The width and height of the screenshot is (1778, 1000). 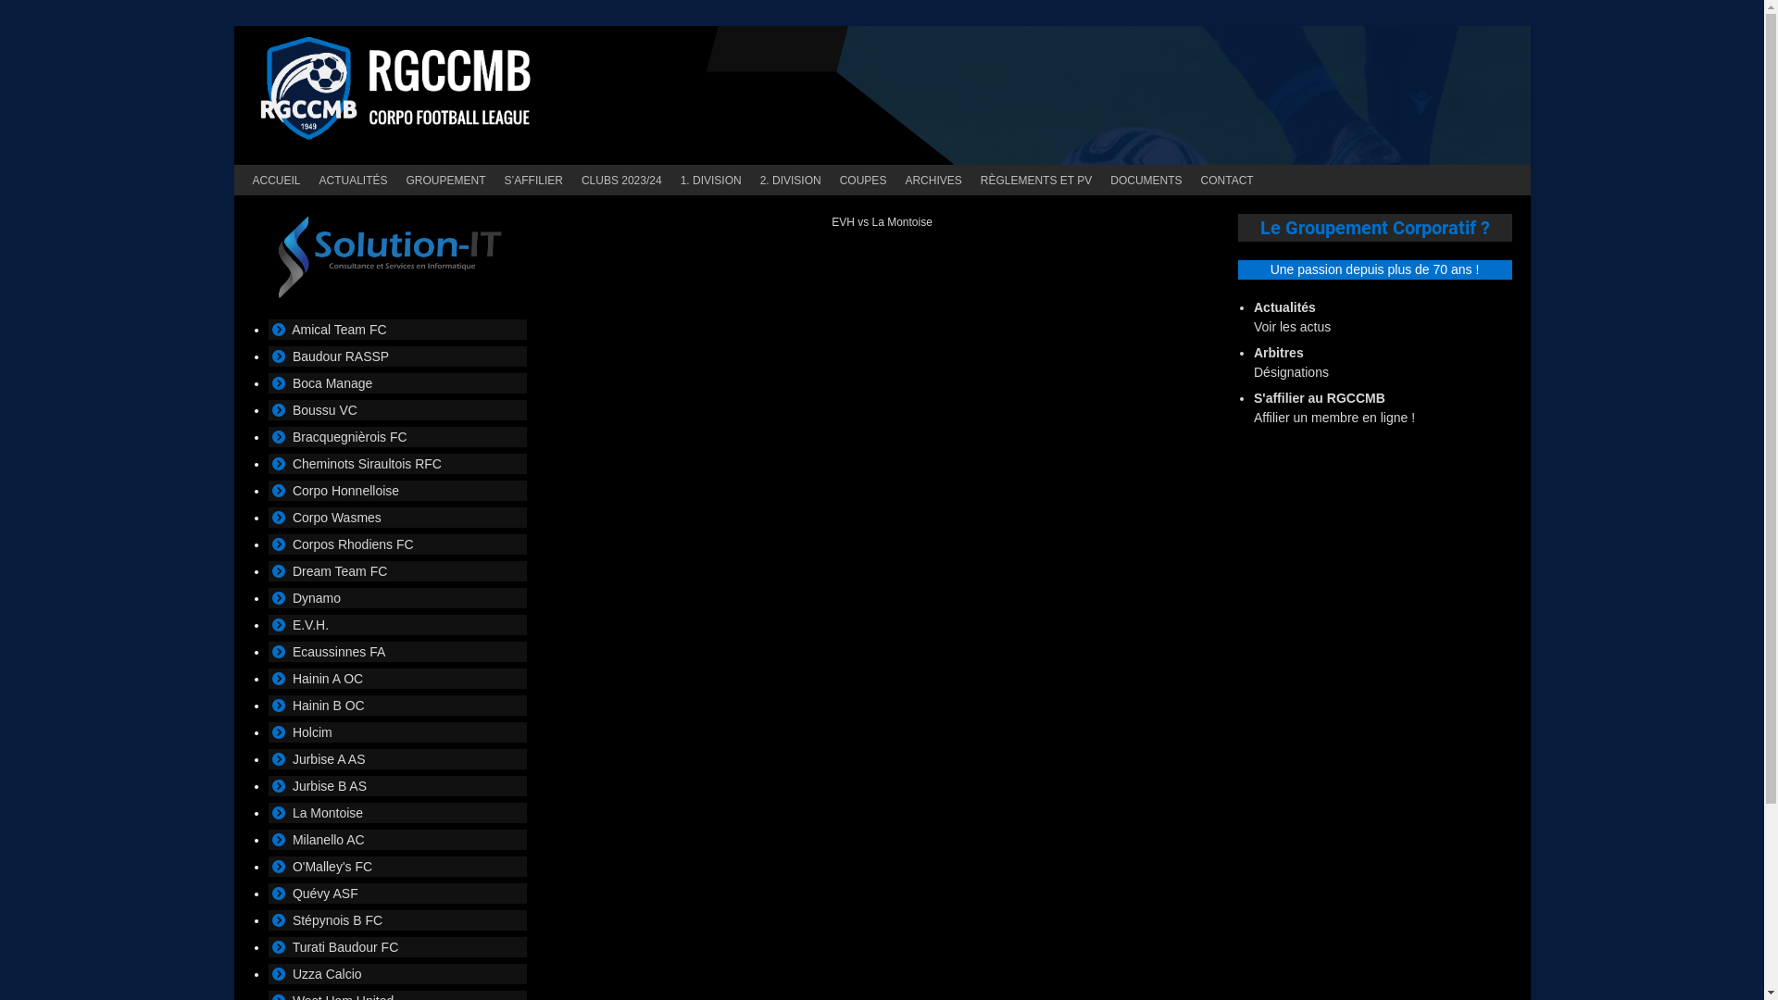 I want to click on 'Hainin A OC', so click(x=328, y=678).